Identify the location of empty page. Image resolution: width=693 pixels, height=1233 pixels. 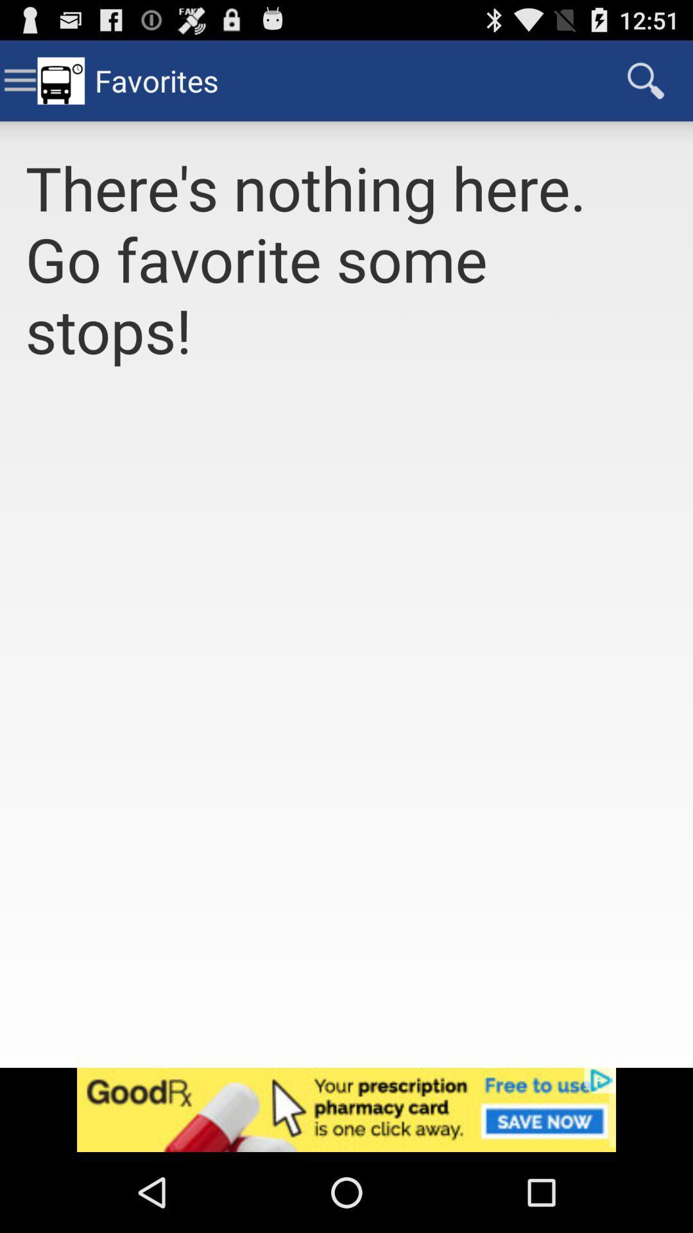
(346, 732).